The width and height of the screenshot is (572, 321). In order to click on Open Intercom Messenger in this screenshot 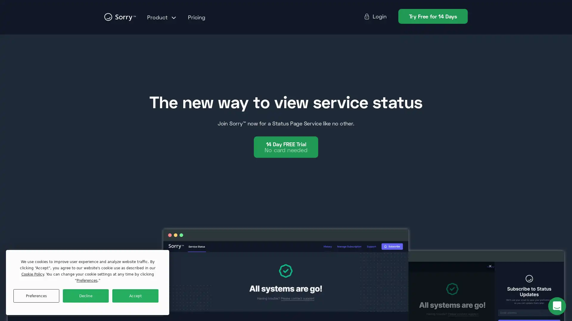, I will do `click(557, 306)`.